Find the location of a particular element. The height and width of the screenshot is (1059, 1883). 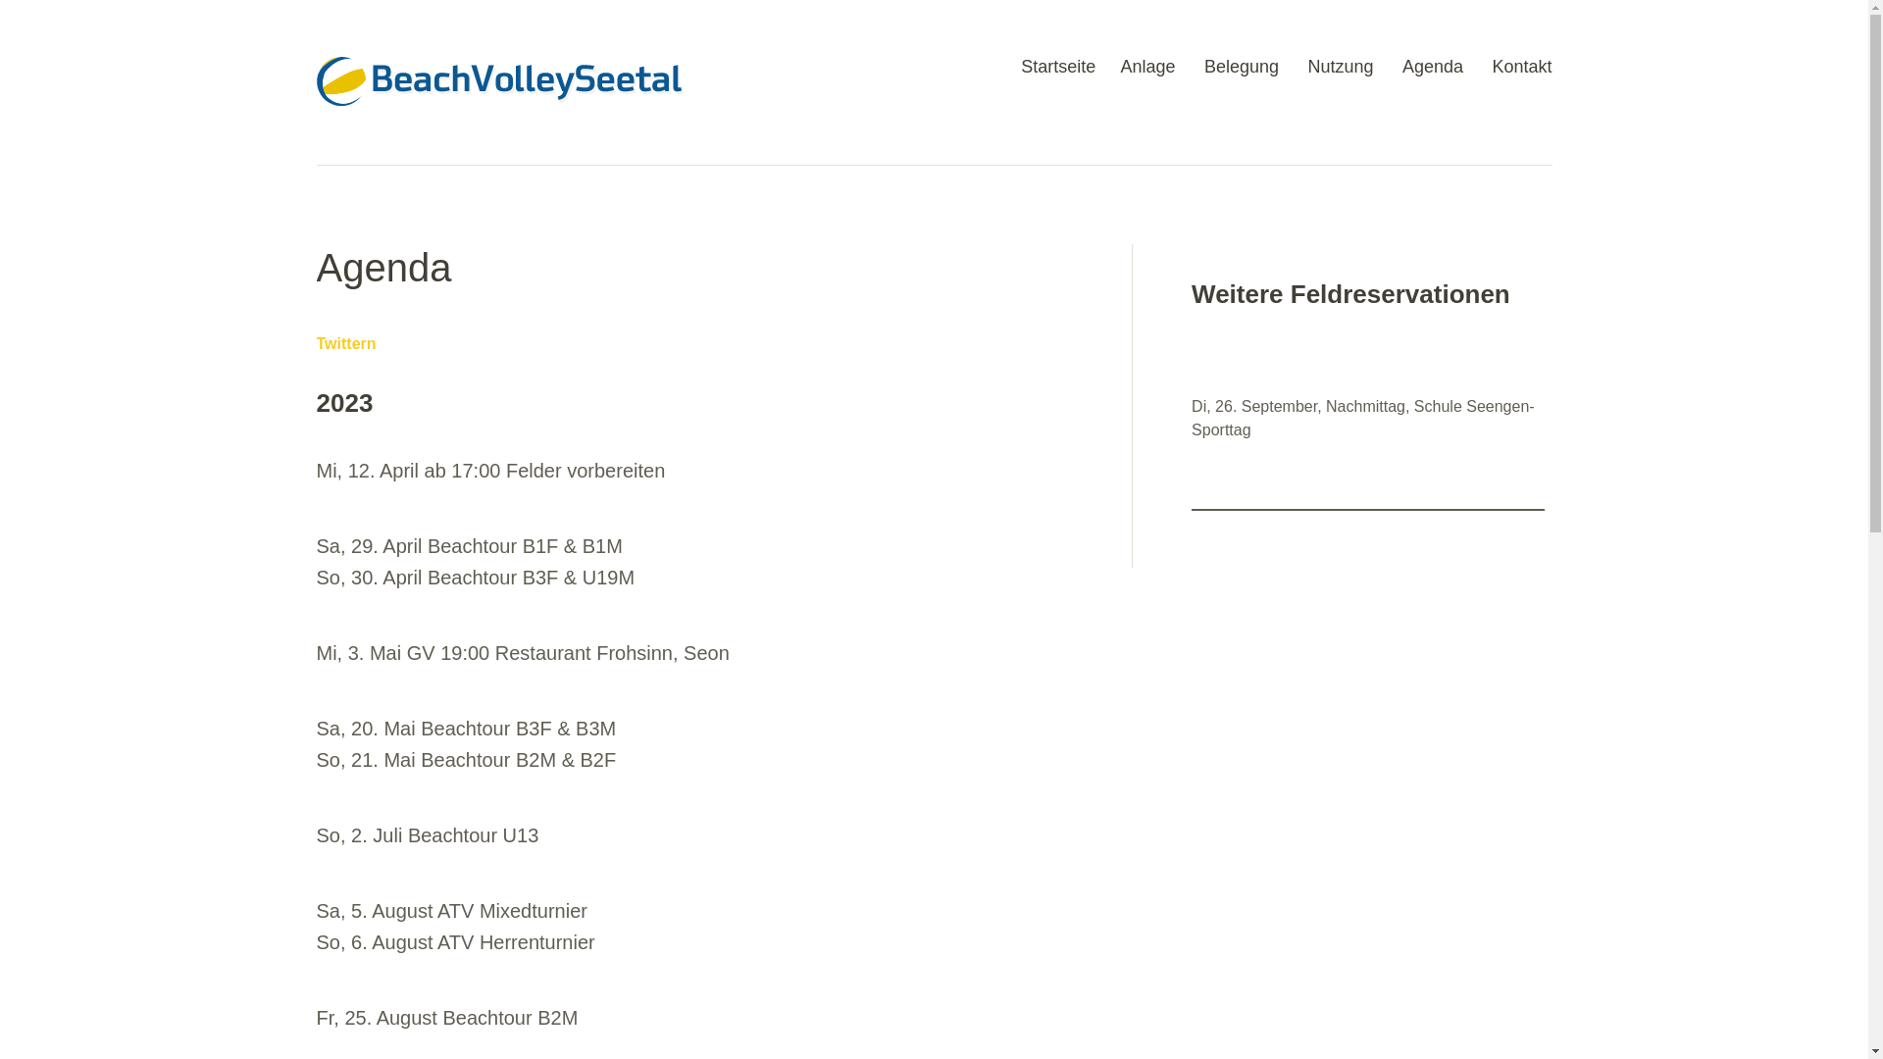

'Kontakt' is located at coordinates (1491, 75).